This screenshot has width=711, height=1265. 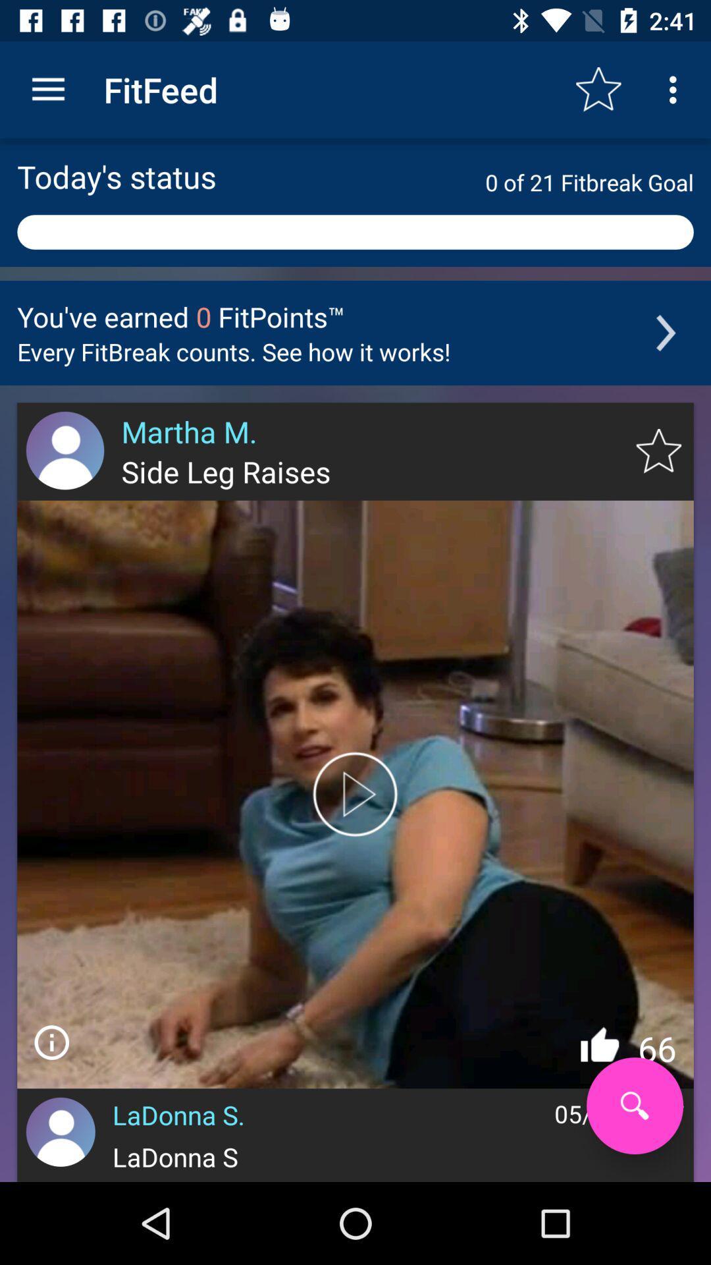 What do you see at coordinates (355, 793) in the screenshot?
I see `video` at bounding box center [355, 793].